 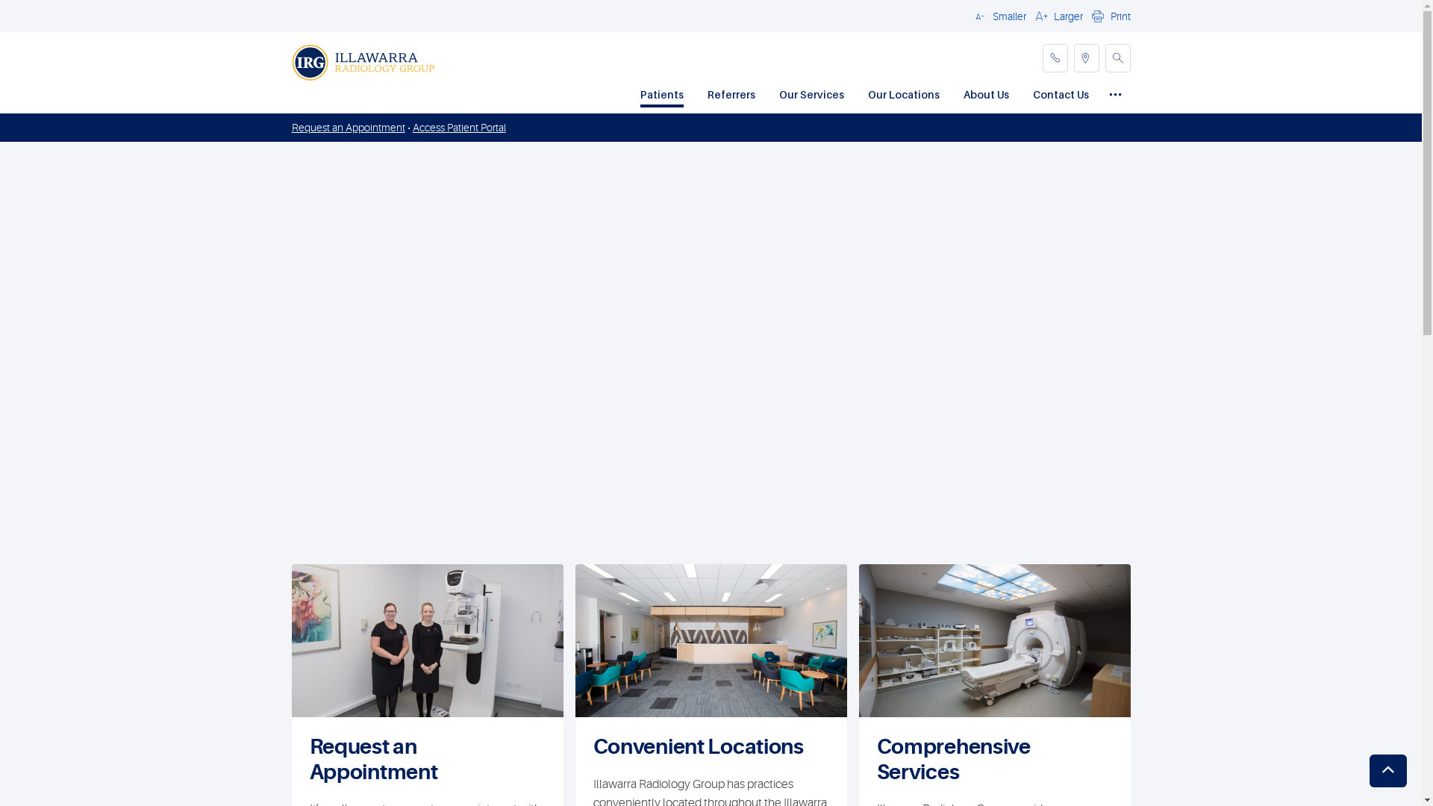 What do you see at coordinates (1031, 96) in the screenshot?
I see `'Contact Us'` at bounding box center [1031, 96].